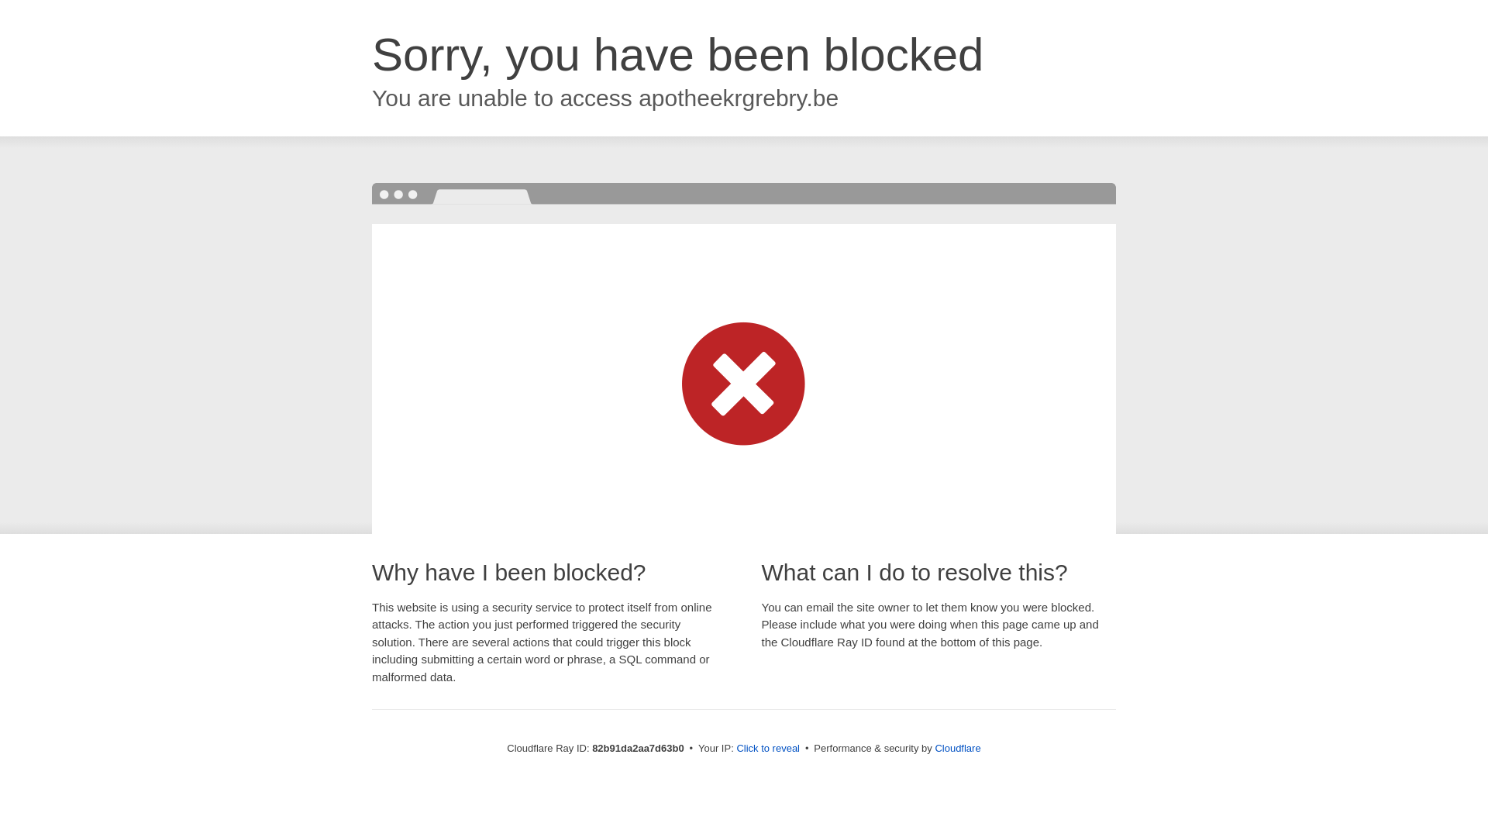 The width and height of the screenshot is (1488, 837). What do you see at coordinates (956, 747) in the screenshot?
I see `'Cloudflare'` at bounding box center [956, 747].